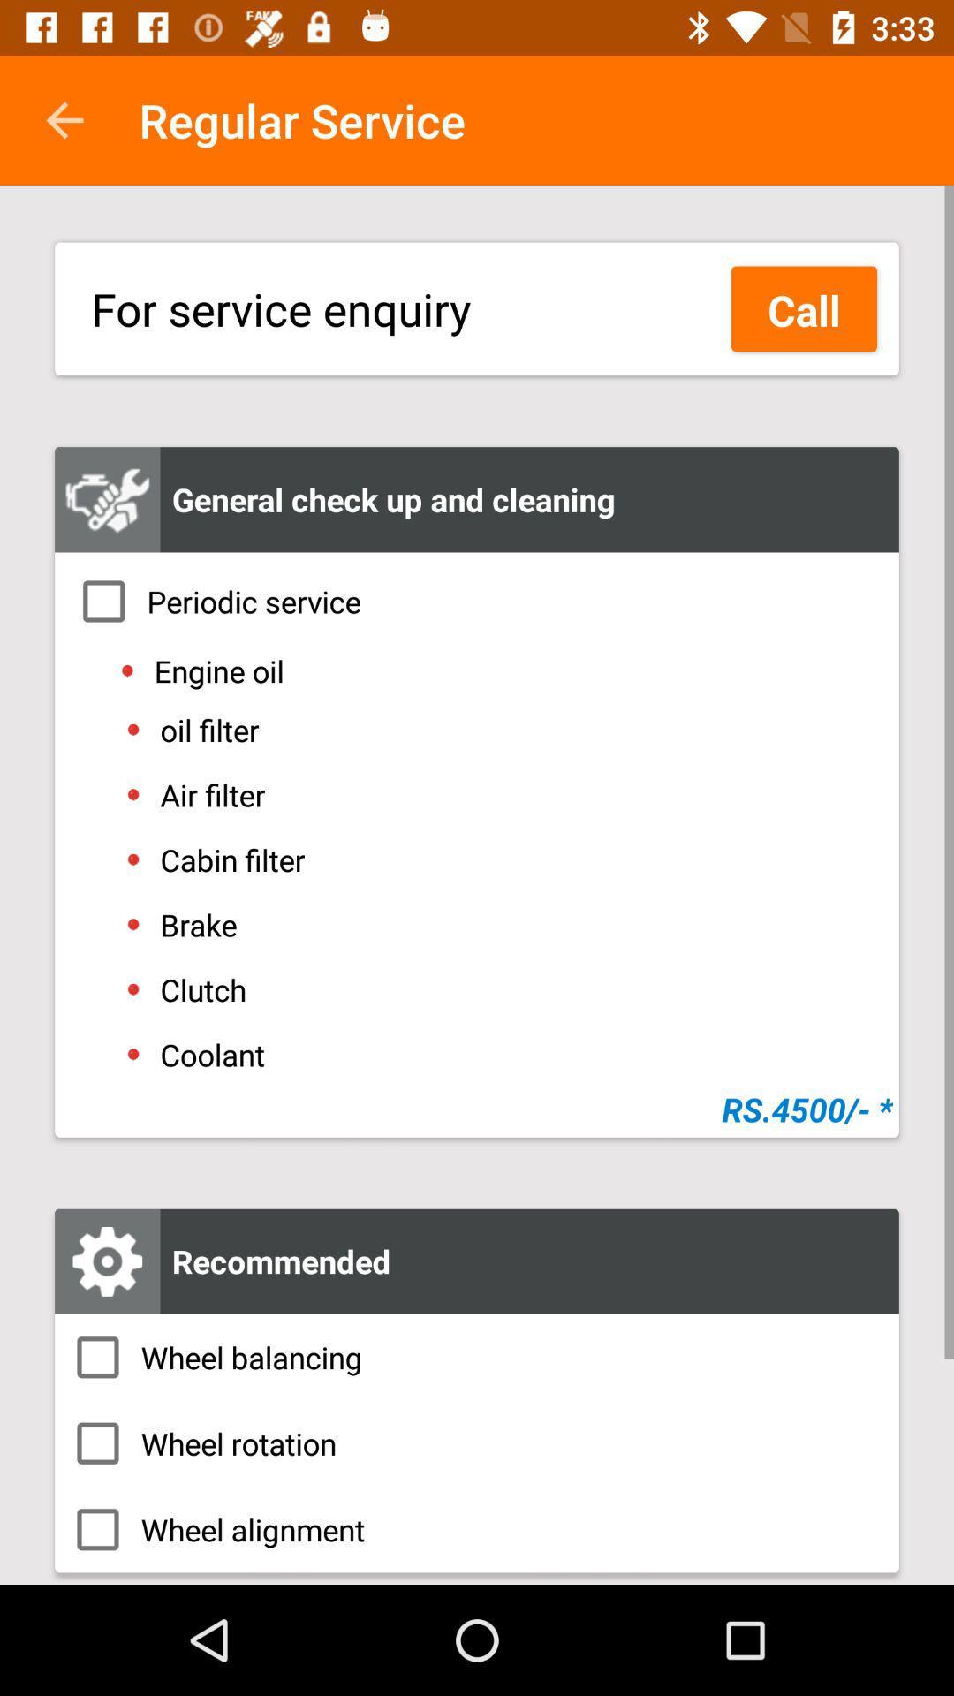  Describe the element at coordinates (477, 1356) in the screenshot. I see `the wheel balancing icon` at that location.